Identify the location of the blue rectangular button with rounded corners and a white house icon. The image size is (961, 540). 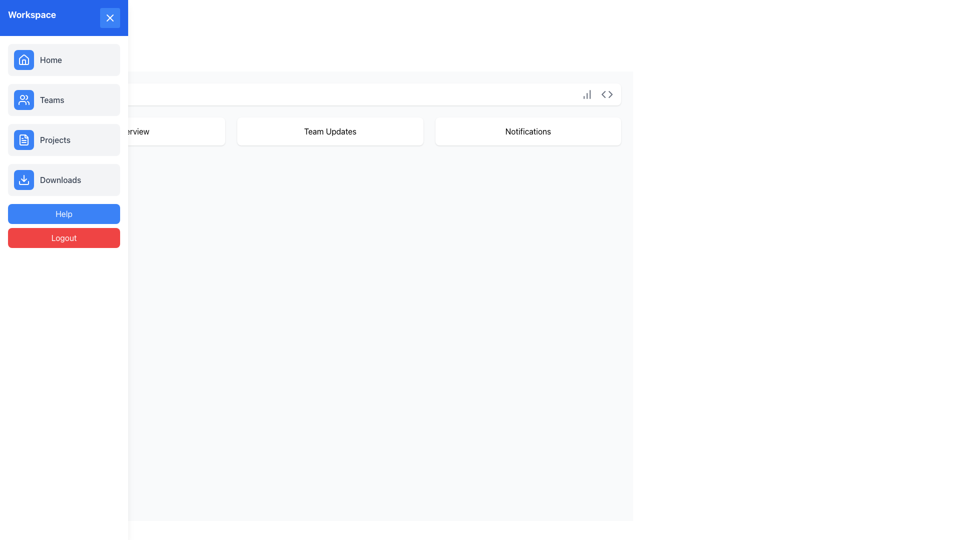
(24, 59).